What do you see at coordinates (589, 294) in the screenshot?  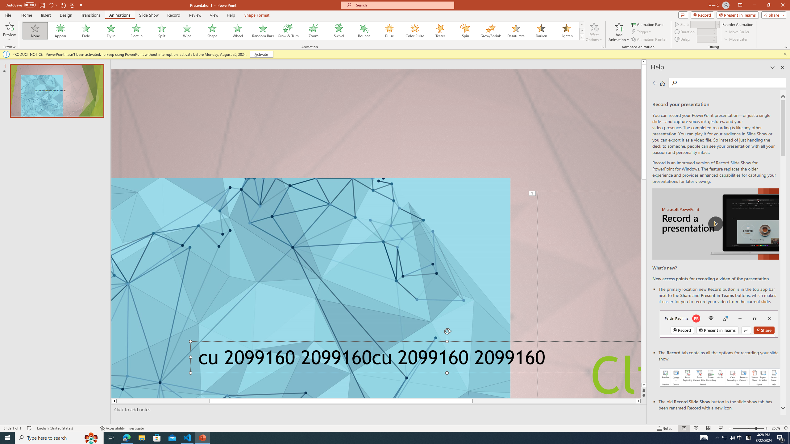 I see `'Title TextBox'` at bounding box center [589, 294].